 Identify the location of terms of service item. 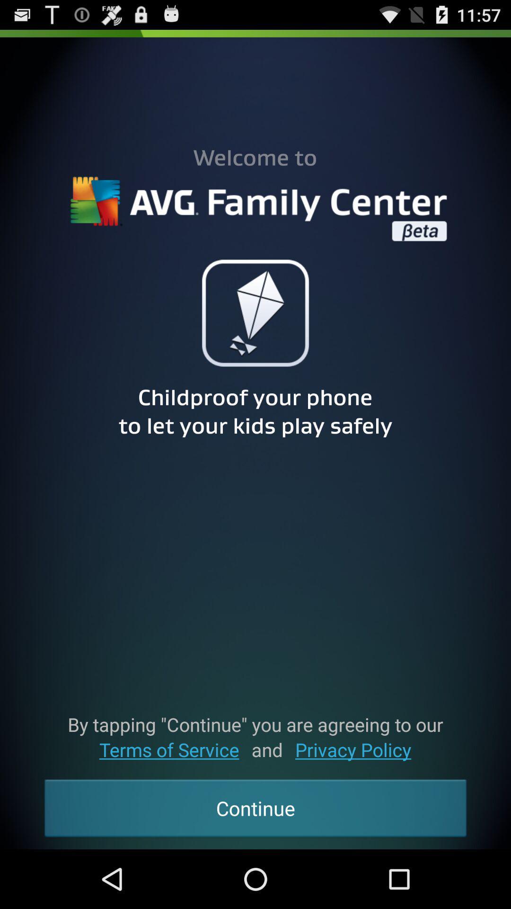
(168, 749).